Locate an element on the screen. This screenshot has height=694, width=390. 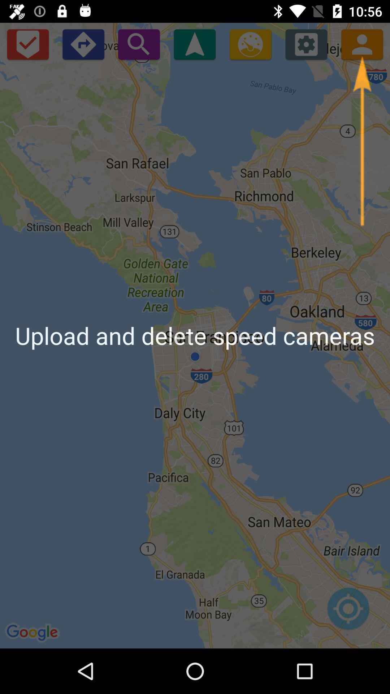
open settings is located at coordinates (306, 44).